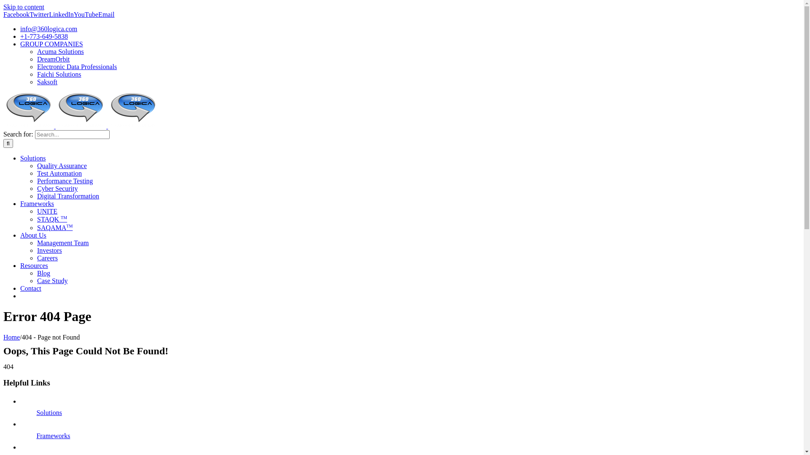 The image size is (810, 455). What do you see at coordinates (32, 158) in the screenshot?
I see `'Solutions'` at bounding box center [32, 158].